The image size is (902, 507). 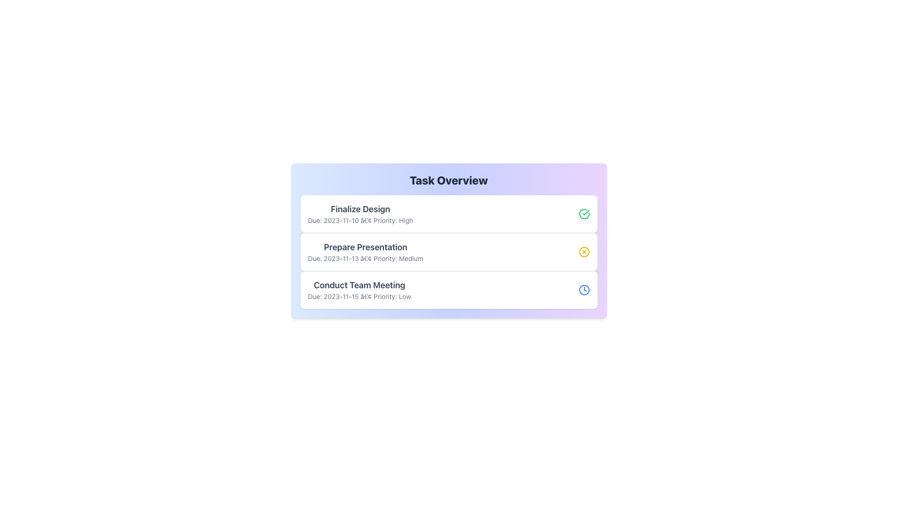 What do you see at coordinates (583, 214) in the screenshot?
I see `the completion status icon located on the far right side of the 'Finalize Design' task row to indicate task interaction` at bounding box center [583, 214].